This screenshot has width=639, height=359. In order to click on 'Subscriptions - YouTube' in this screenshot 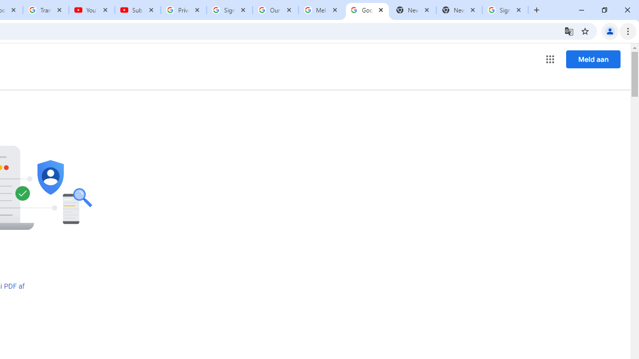, I will do `click(137, 10)`.